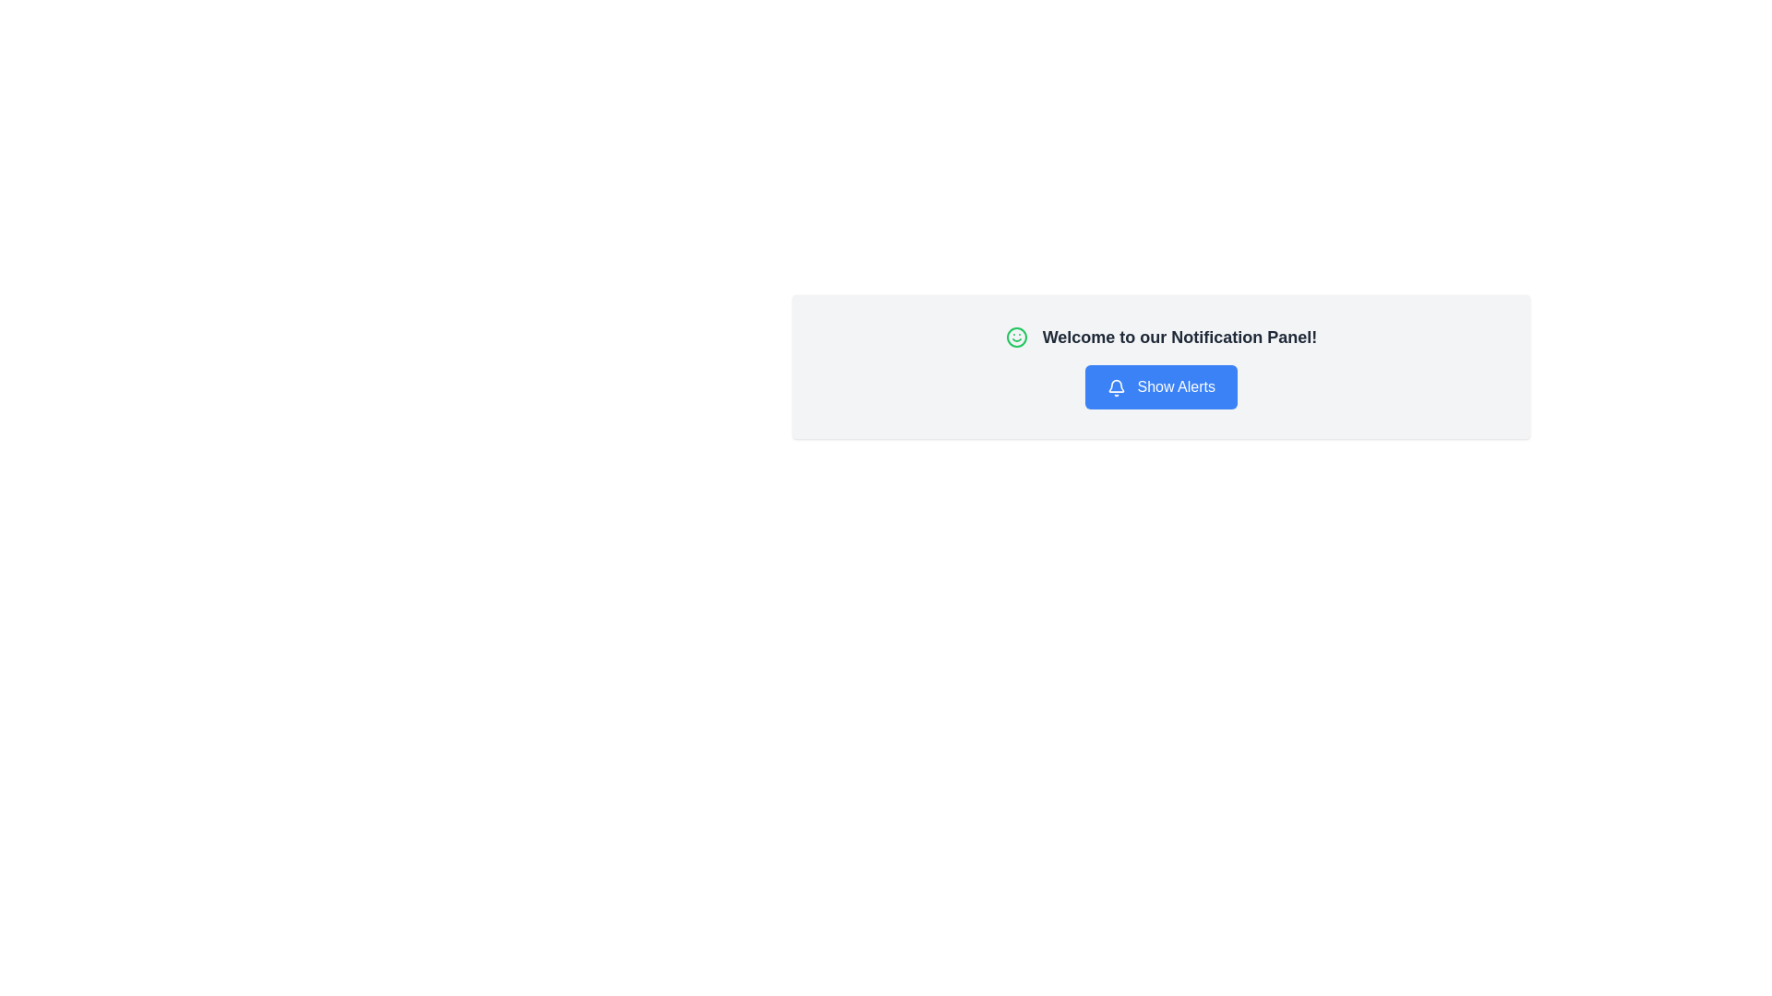 This screenshot has height=996, width=1772. Describe the element at coordinates (1160, 366) in the screenshot. I see `the action button of the notification UI component` at that location.